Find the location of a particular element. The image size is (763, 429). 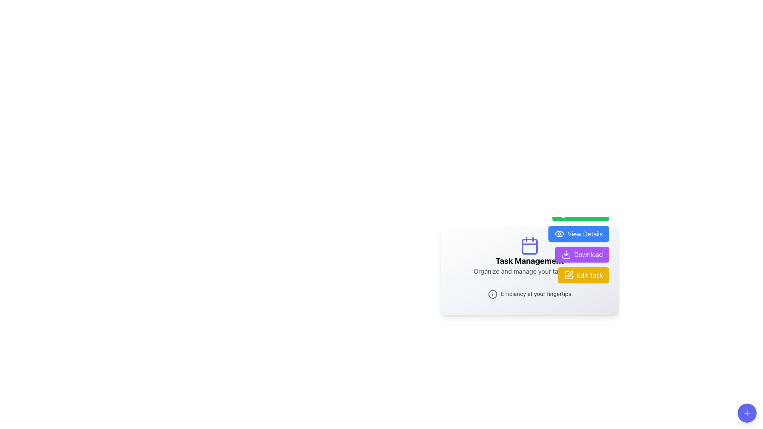

the descriptive text label located beneath the 'Task Management' heading, which provides information about the task management feature is located at coordinates (530, 271).